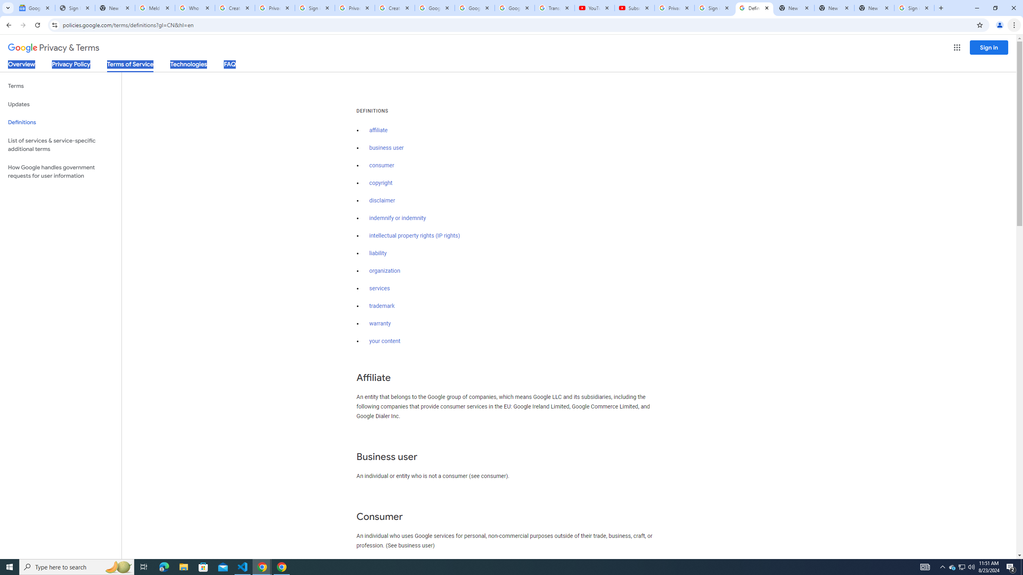 The height and width of the screenshot is (575, 1023). What do you see at coordinates (379, 288) in the screenshot?
I see `'services'` at bounding box center [379, 288].